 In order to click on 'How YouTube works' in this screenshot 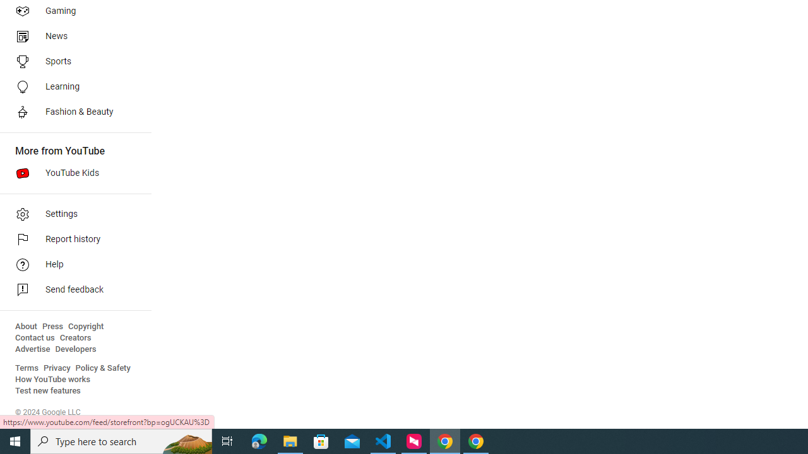, I will do `click(52, 379)`.